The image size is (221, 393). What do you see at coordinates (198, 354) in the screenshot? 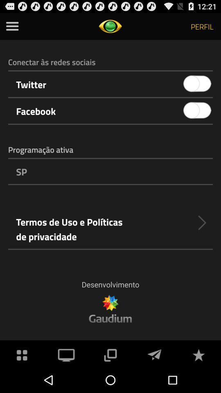
I see `star` at bounding box center [198, 354].